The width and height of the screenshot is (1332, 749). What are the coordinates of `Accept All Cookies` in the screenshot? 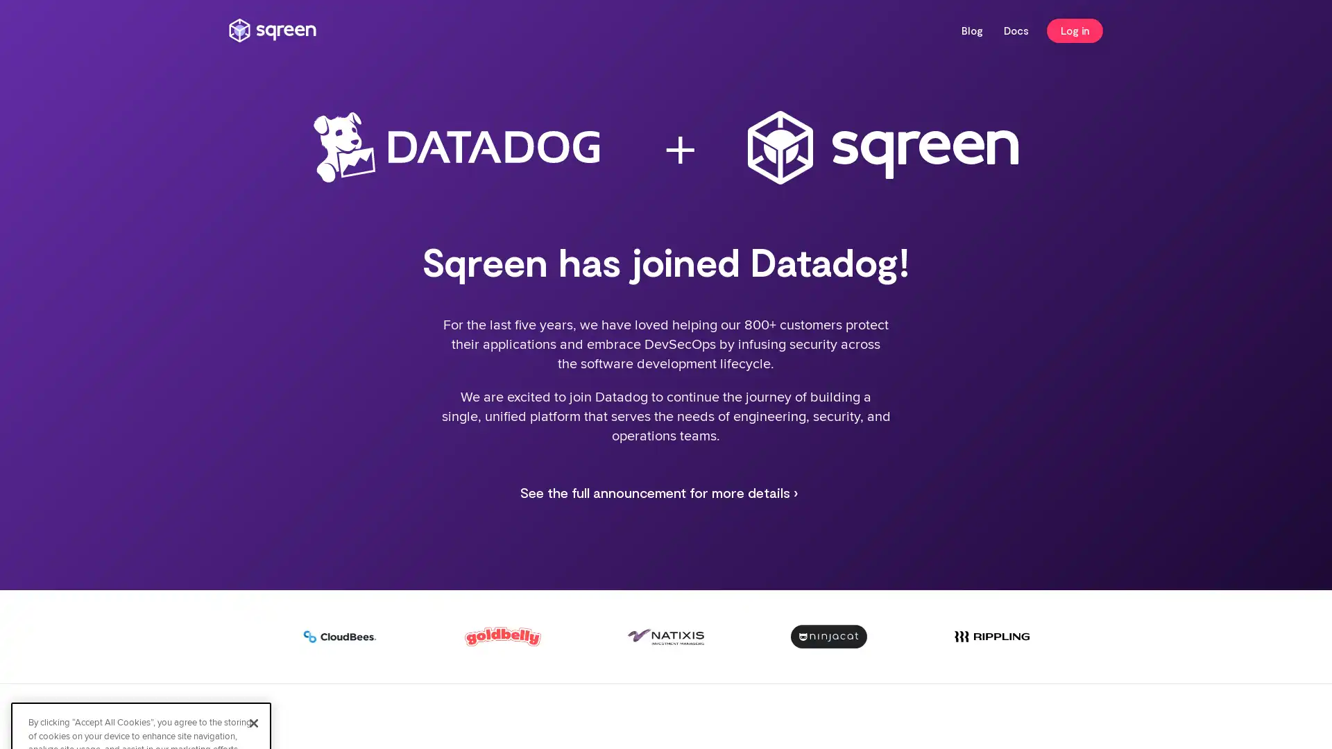 It's located at (141, 660).